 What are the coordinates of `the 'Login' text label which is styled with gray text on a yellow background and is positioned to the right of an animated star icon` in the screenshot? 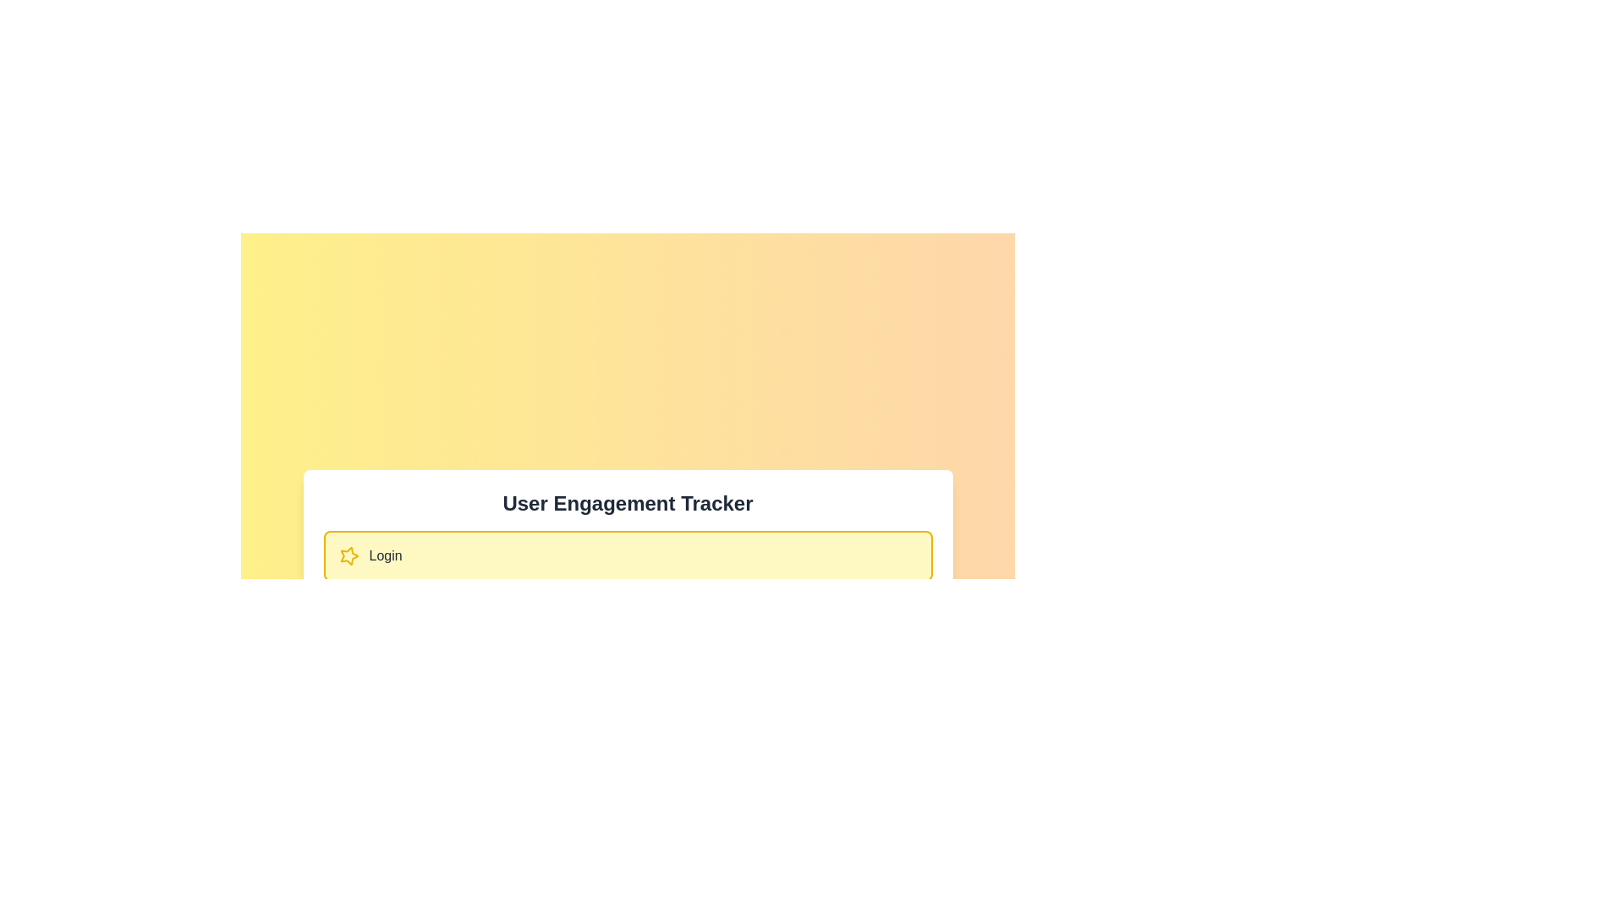 It's located at (385, 556).